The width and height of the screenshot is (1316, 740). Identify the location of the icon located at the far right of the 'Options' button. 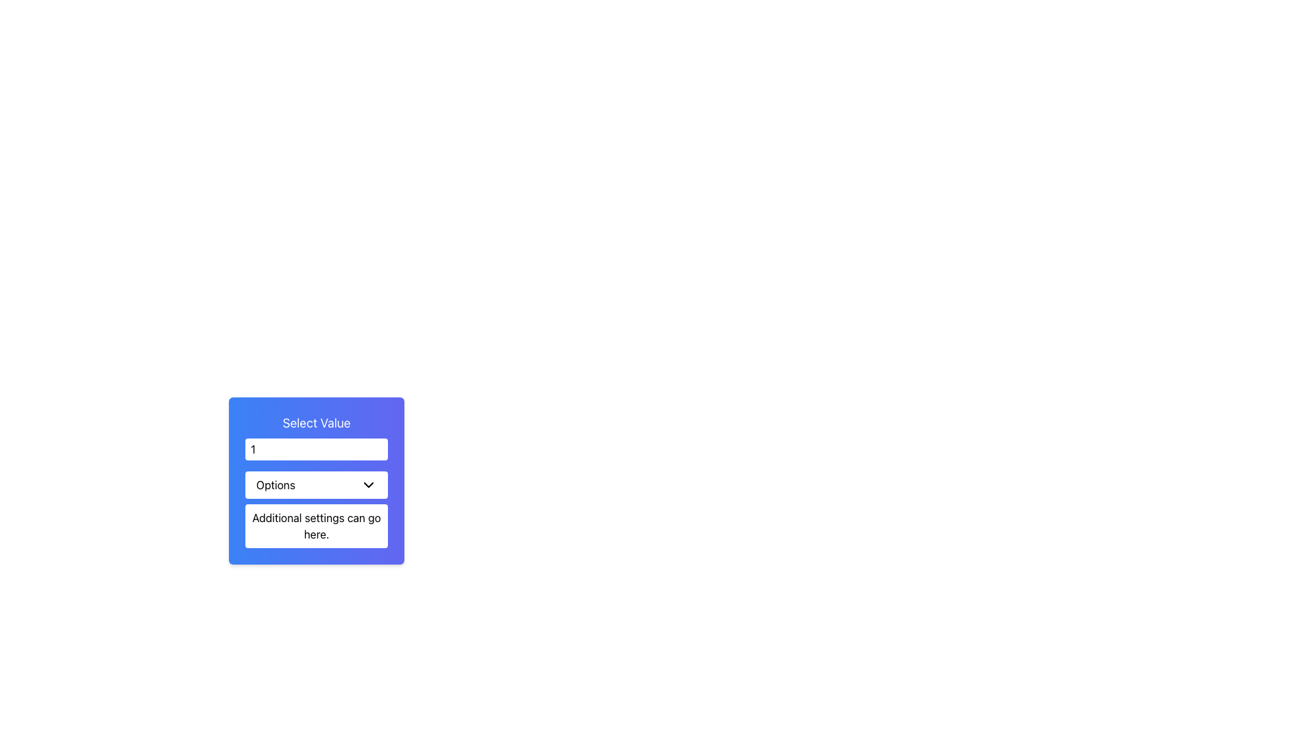
(368, 484).